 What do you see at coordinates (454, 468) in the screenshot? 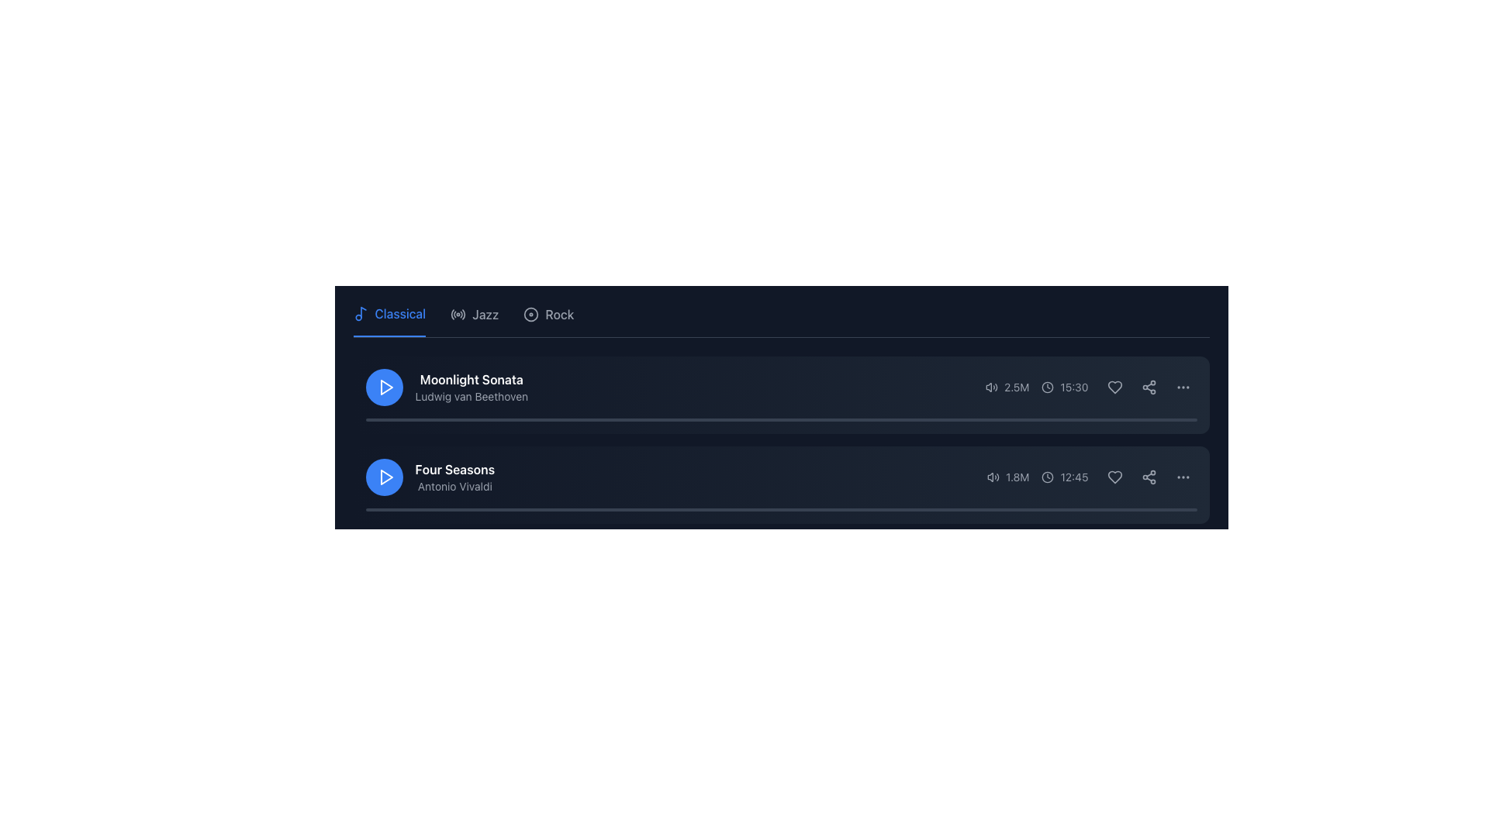
I see `text label containing 'Four Seasons', which is styled with a white font on a dark background and positioned above 'Antonio Vivaldi'` at bounding box center [454, 468].